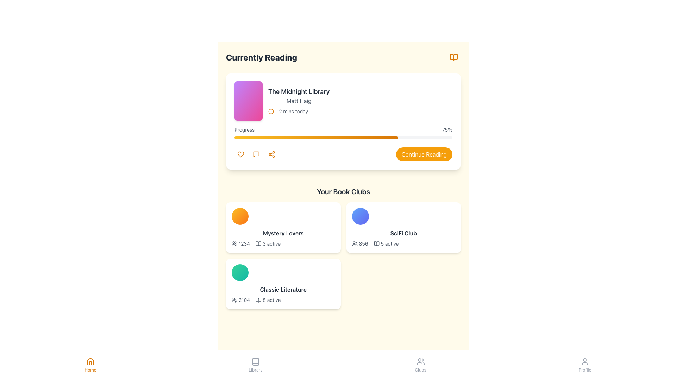 This screenshot has height=380, width=676. Describe the element at coordinates (270, 111) in the screenshot. I see `the outer circular shape of the clock icon, which is styled in amber-600 color and has a radius of approximately 10 units, located near the top-right corner of the 'Currently Reading' section header` at that location.